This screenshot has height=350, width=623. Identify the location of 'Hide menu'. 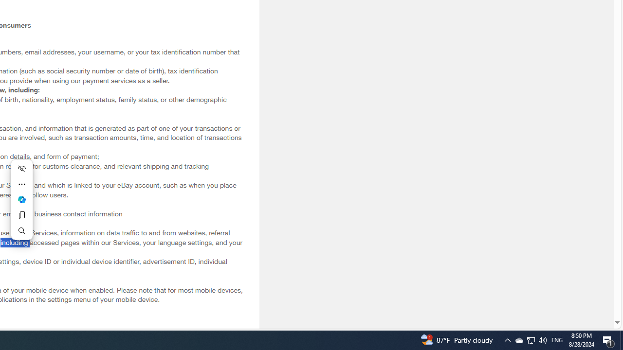
(21, 168).